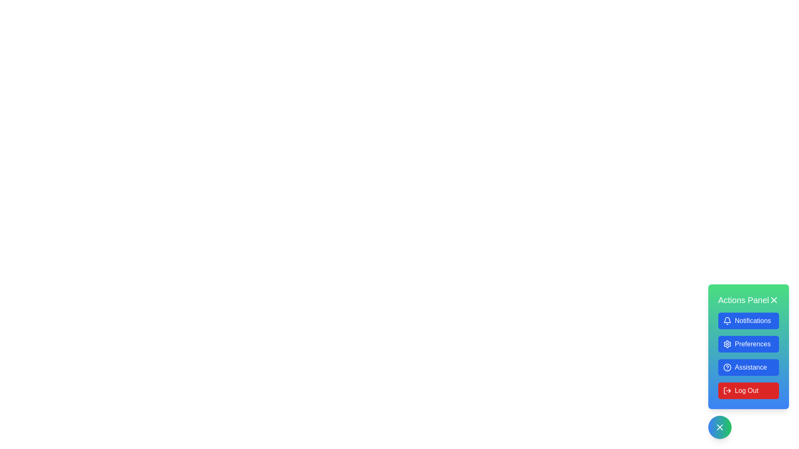  I want to click on the close button located at the upper-right corner of the 'Actions Panel', so click(774, 300).